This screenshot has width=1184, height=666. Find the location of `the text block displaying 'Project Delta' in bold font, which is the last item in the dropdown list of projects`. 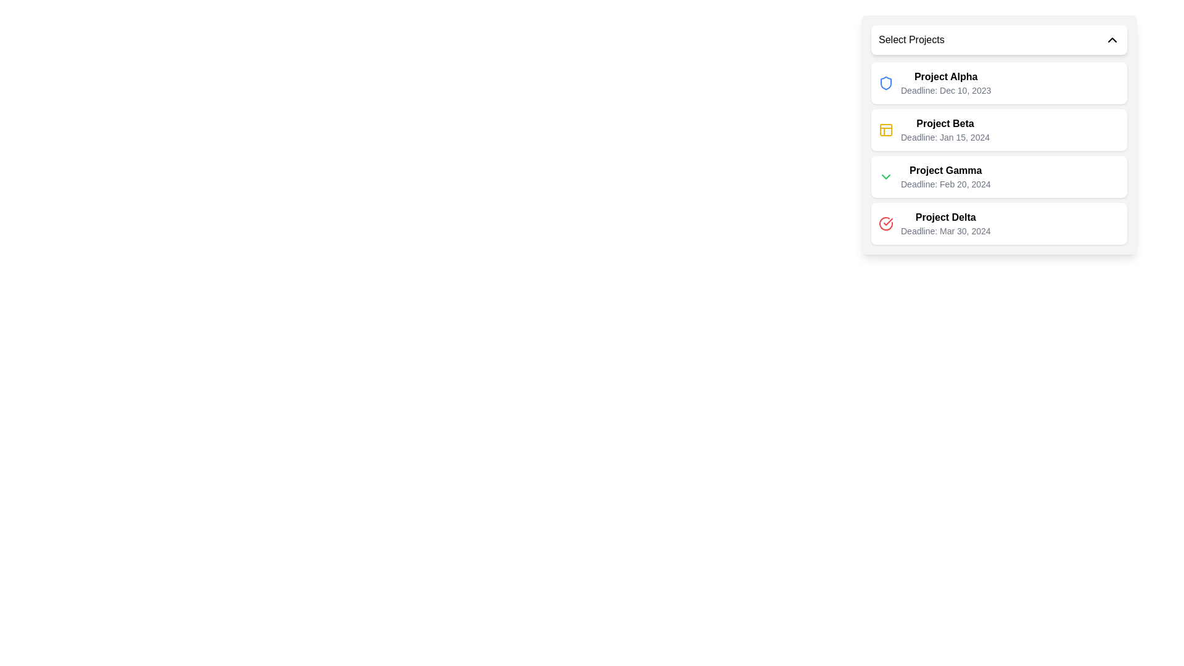

the text block displaying 'Project Delta' in bold font, which is the last item in the dropdown list of projects is located at coordinates (945, 223).